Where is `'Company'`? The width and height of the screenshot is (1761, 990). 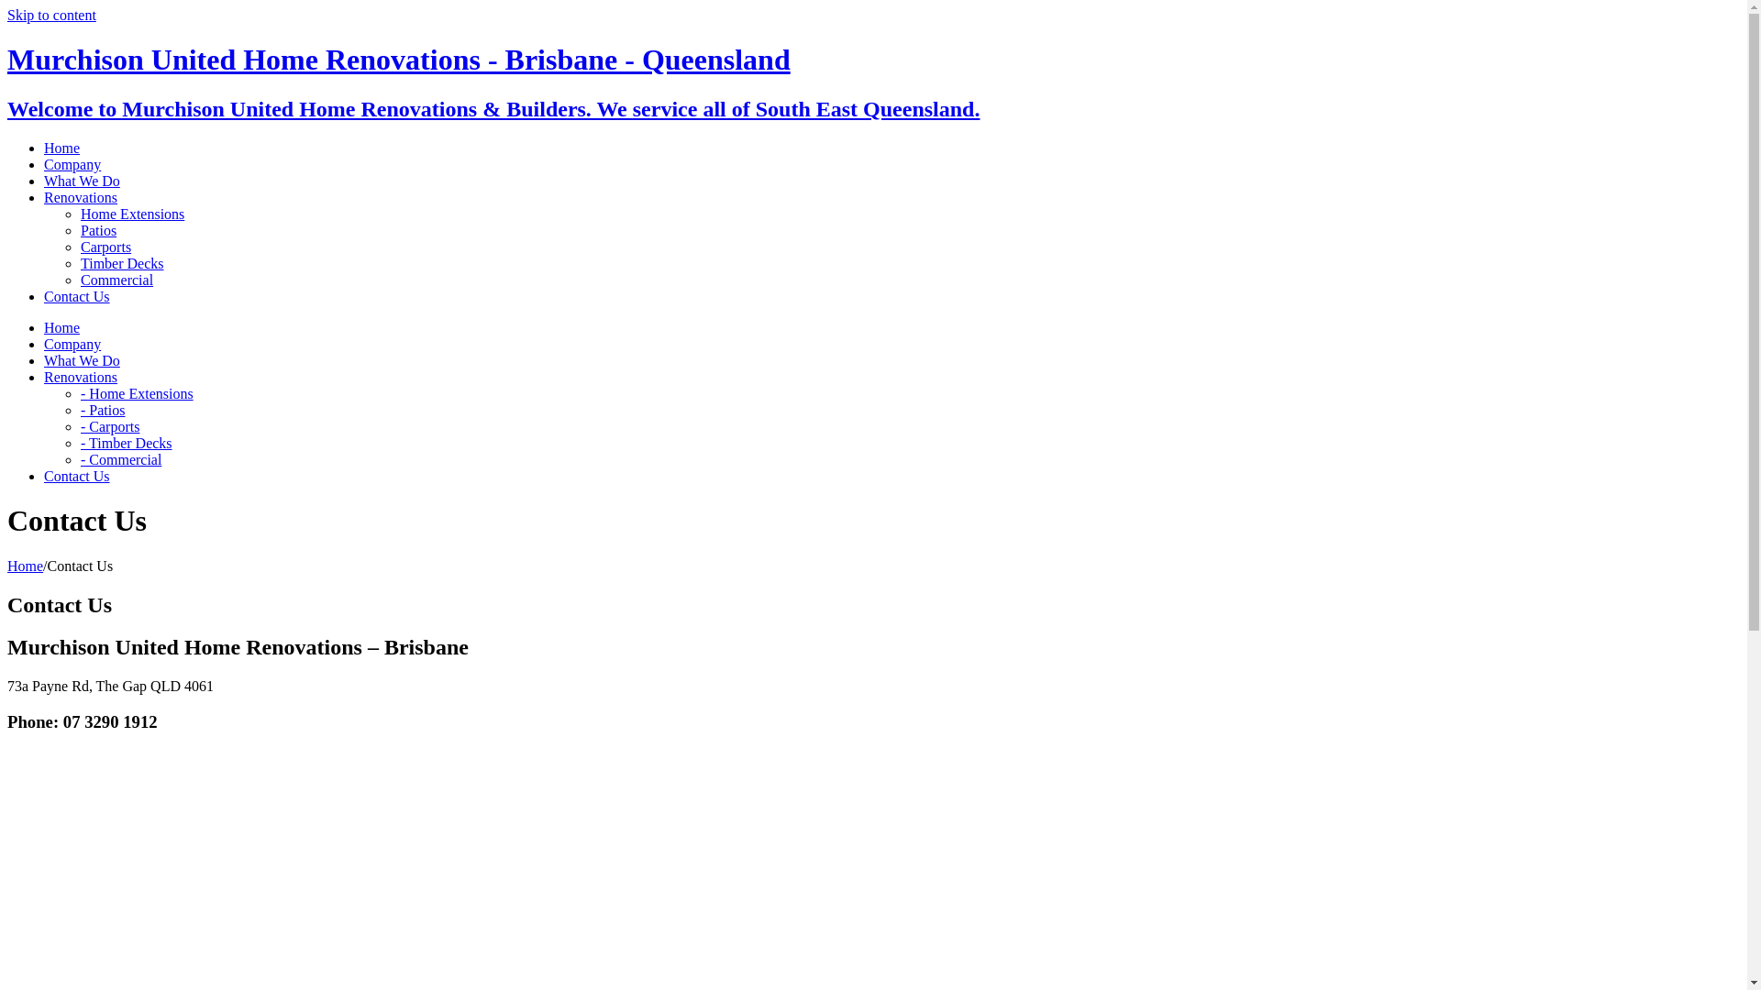 'Company' is located at coordinates (72, 344).